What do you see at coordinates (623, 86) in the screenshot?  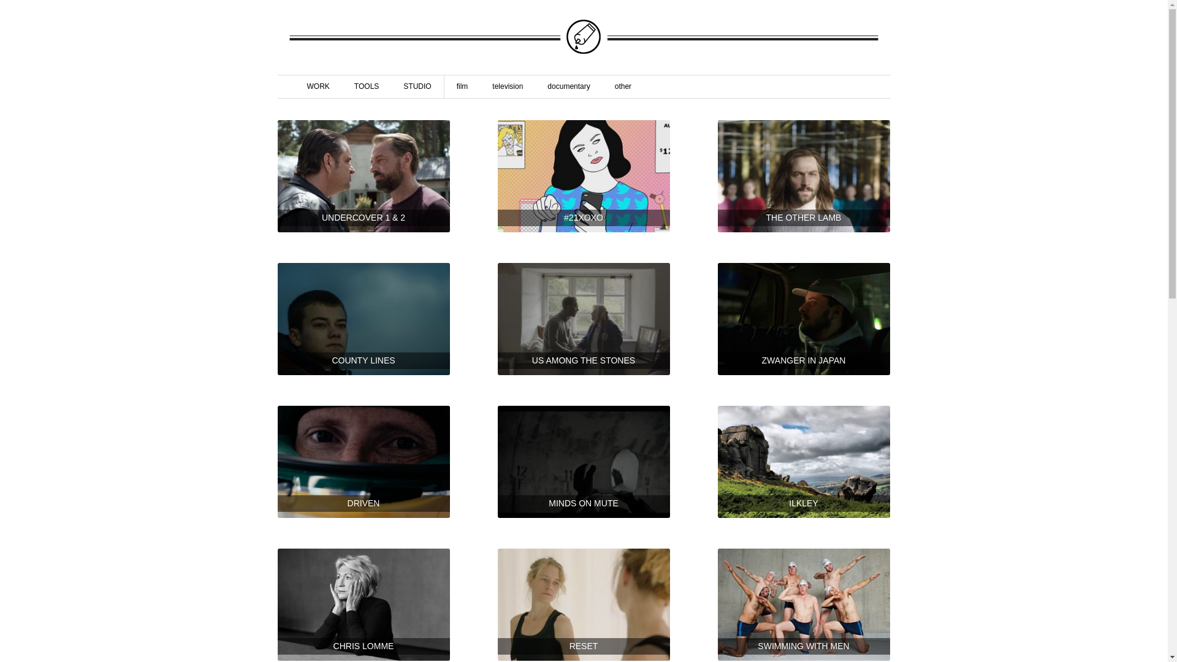 I see `'other'` at bounding box center [623, 86].